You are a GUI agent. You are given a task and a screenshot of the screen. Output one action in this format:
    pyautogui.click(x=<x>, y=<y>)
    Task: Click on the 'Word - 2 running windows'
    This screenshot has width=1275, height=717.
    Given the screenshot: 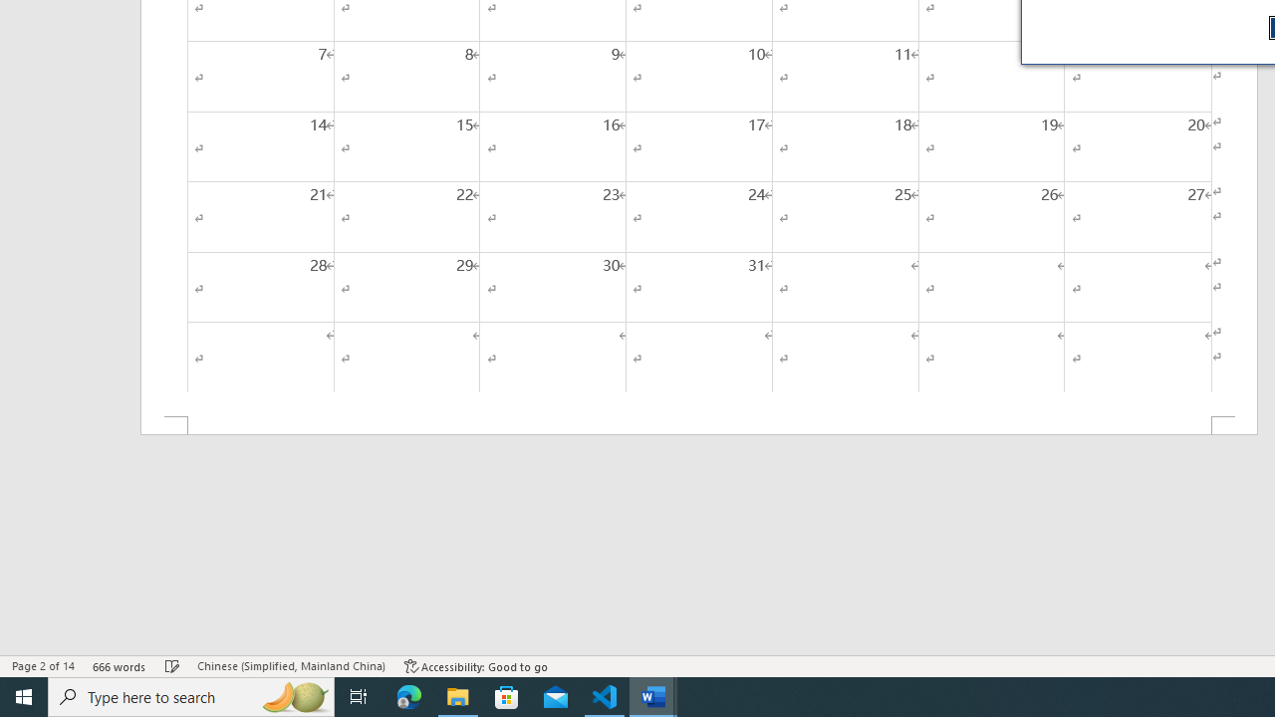 What is the action you would take?
    pyautogui.click(x=653, y=695)
    